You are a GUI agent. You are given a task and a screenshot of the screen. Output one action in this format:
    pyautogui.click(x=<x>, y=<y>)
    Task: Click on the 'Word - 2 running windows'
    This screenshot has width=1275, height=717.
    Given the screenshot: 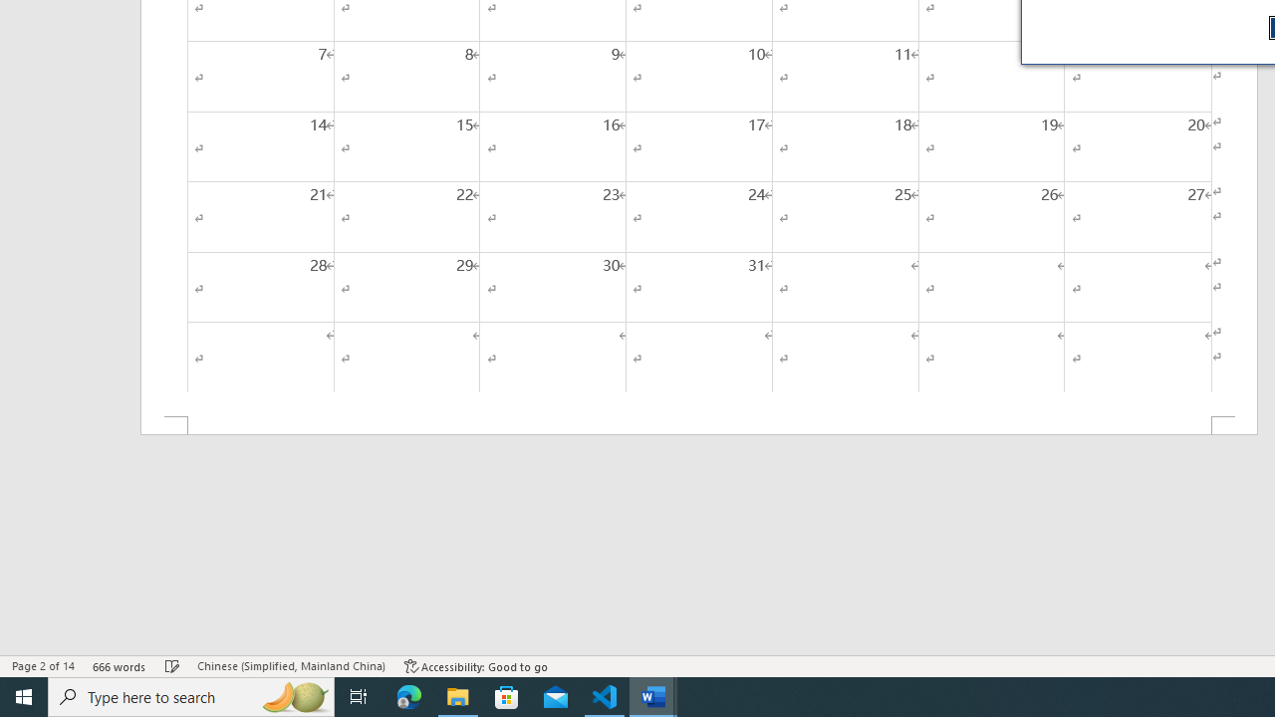 What is the action you would take?
    pyautogui.click(x=653, y=695)
    